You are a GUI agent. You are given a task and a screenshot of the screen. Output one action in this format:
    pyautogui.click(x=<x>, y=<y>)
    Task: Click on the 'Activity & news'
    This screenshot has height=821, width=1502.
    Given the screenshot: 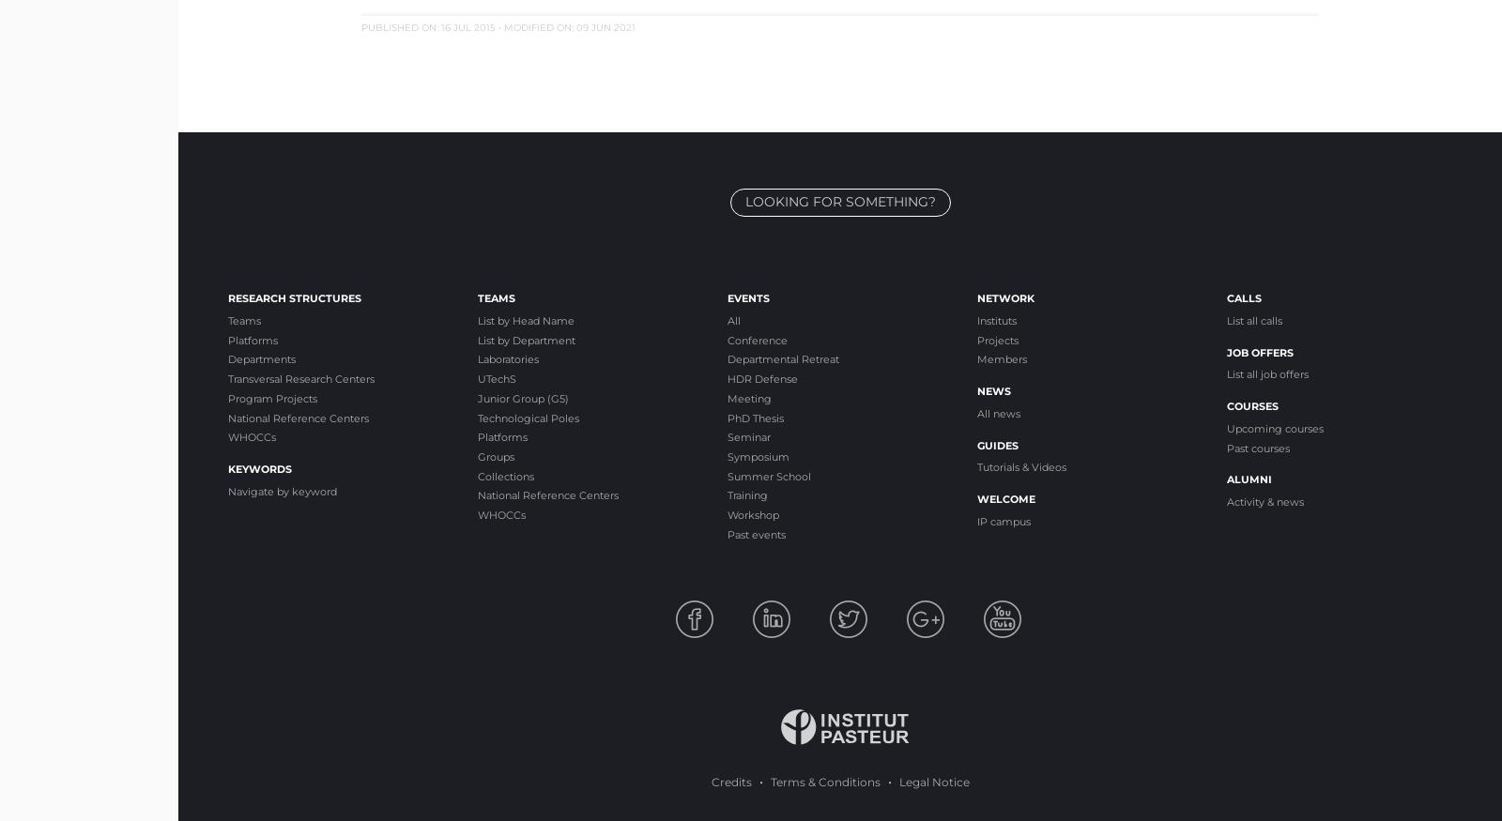 What is the action you would take?
    pyautogui.click(x=1264, y=500)
    